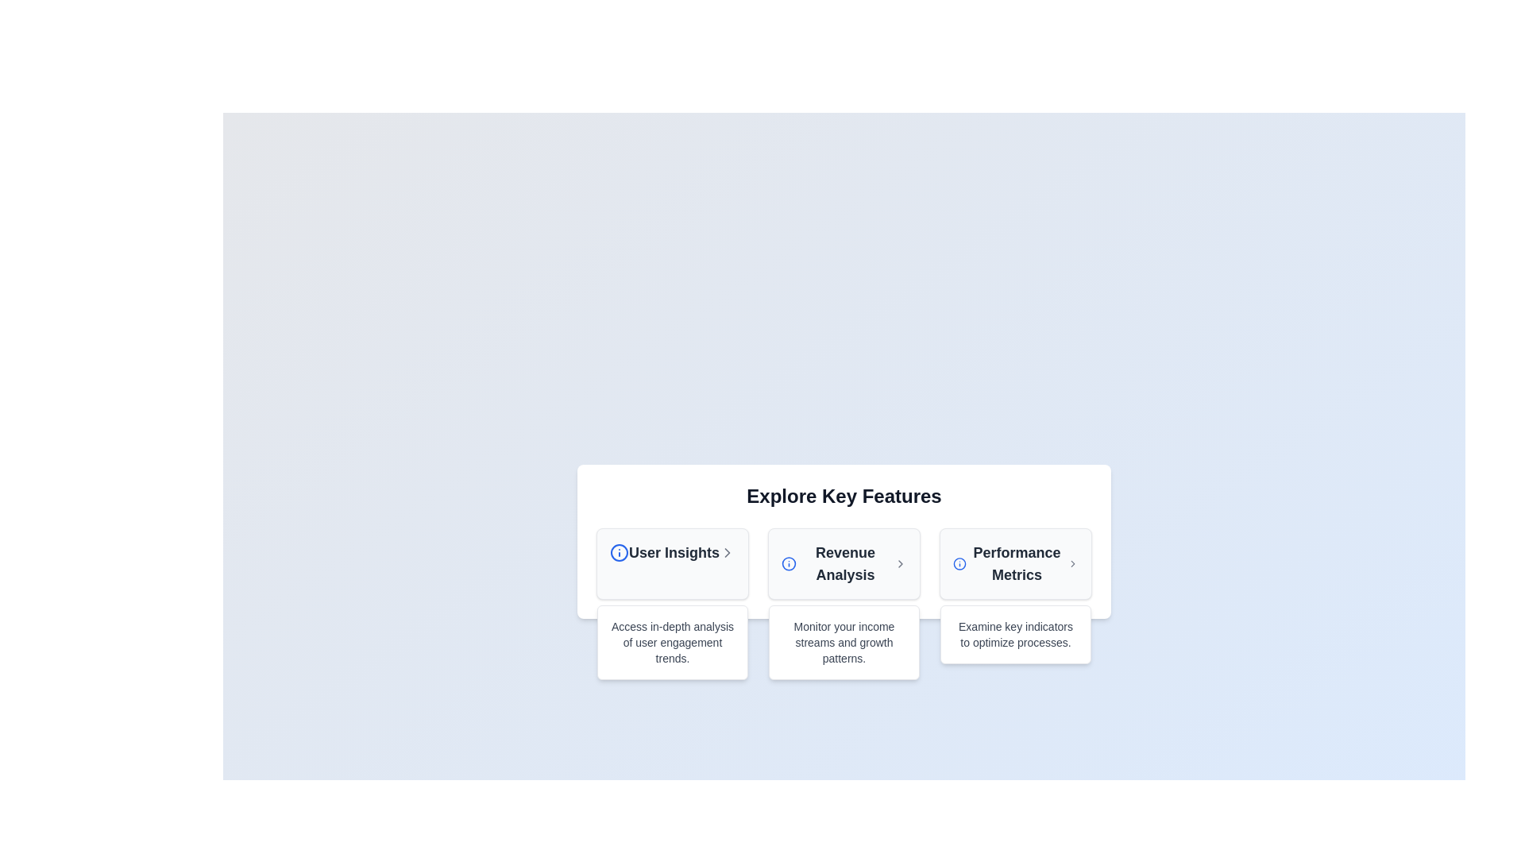 The width and height of the screenshot is (1525, 858). Describe the element at coordinates (959, 562) in the screenshot. I see `the blue 'Info' icon located in the 'Performance Metrics' section at the top-right corner of the header area, which is positioned to the left of the group title 'Performance Metrics'` at that location.